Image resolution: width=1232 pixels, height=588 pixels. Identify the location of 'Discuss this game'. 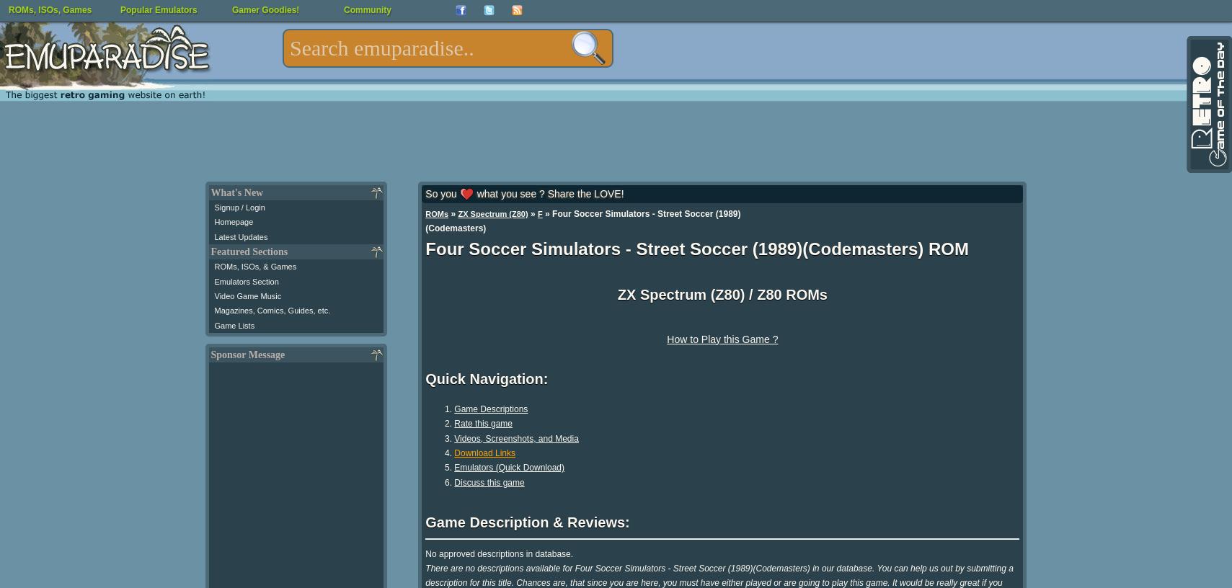
(453, 481).